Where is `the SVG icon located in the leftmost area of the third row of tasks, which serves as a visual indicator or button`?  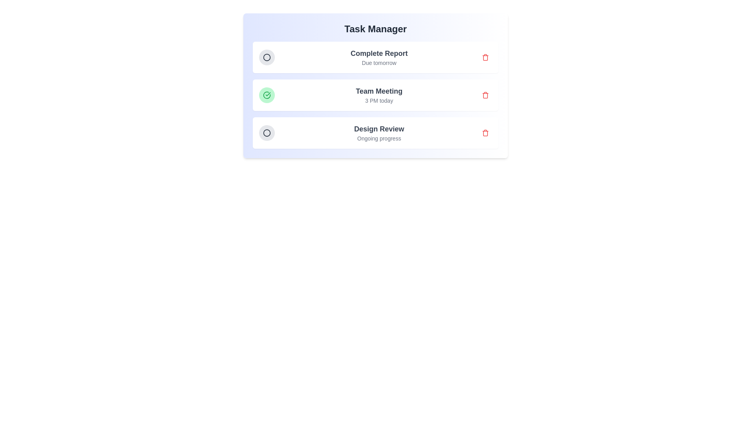
the SVG icon located in the leftmost area of the third row of tasks, which serves as a visual indicator or button is located at coordinates (267, 133).